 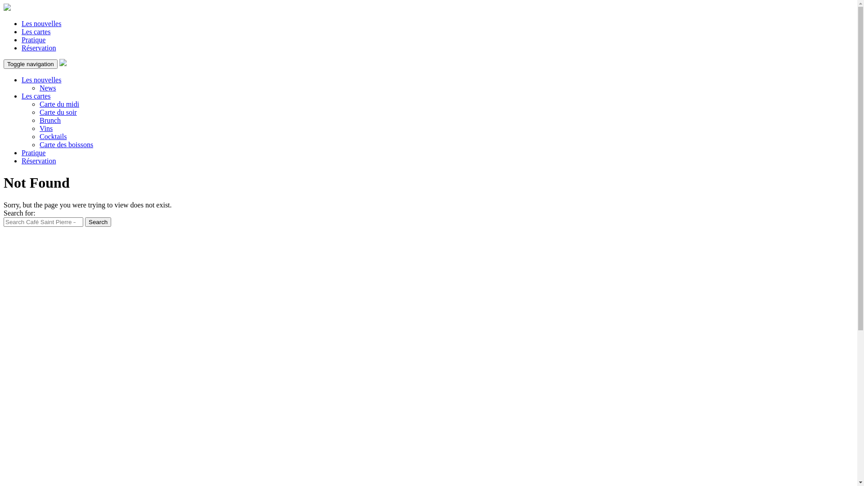 What do you see at coordinates (47, 88) in the screenshot?
I see `'News'` at bounding box center [47, 88].